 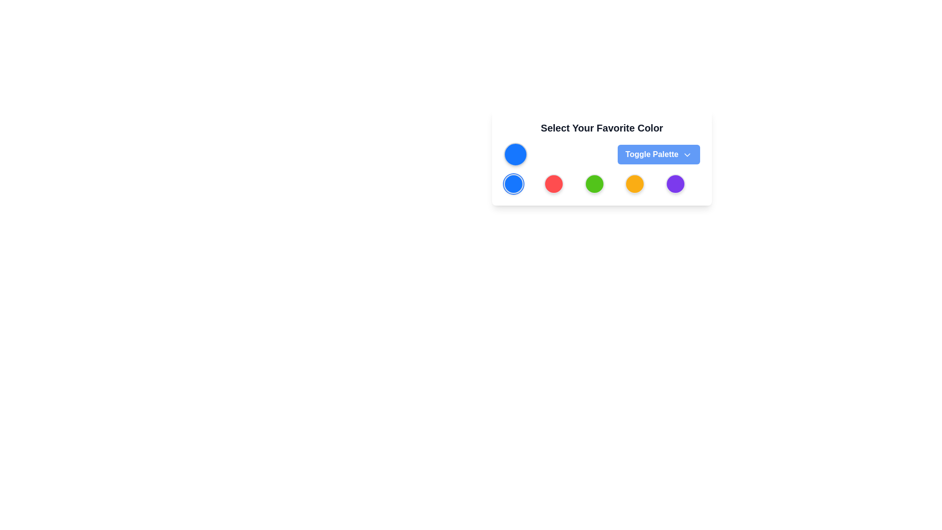 I want to click on the circular button in the Interactive color selection panel, so click(x=602, y=157).